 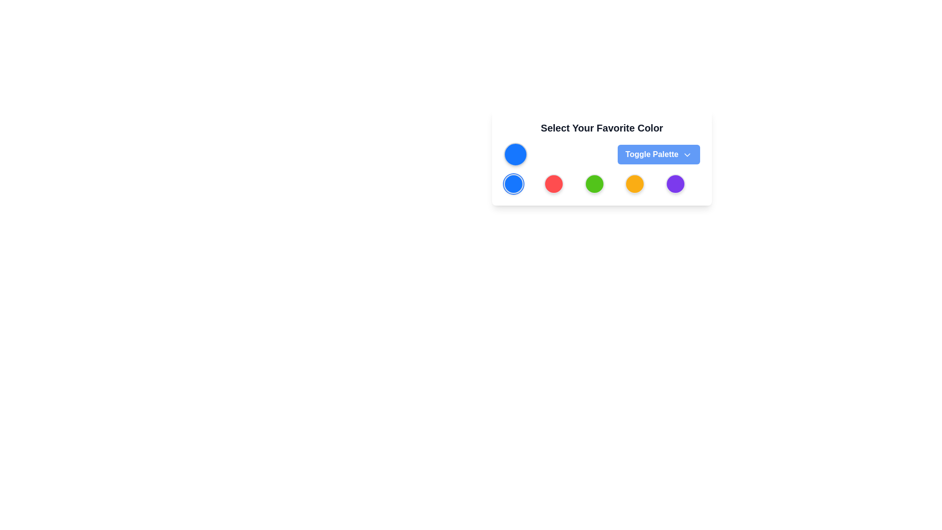 I want to click on the circular button in the Interactive color selection panel, so click(x=602, y=157).